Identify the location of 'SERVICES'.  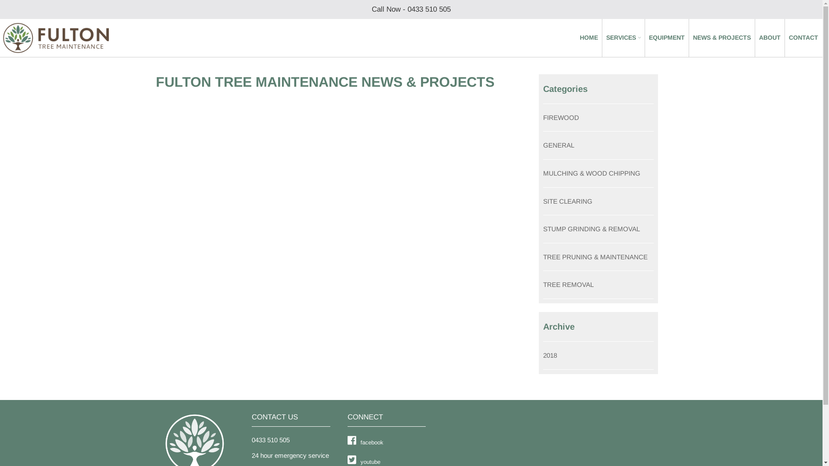
(623, 38).